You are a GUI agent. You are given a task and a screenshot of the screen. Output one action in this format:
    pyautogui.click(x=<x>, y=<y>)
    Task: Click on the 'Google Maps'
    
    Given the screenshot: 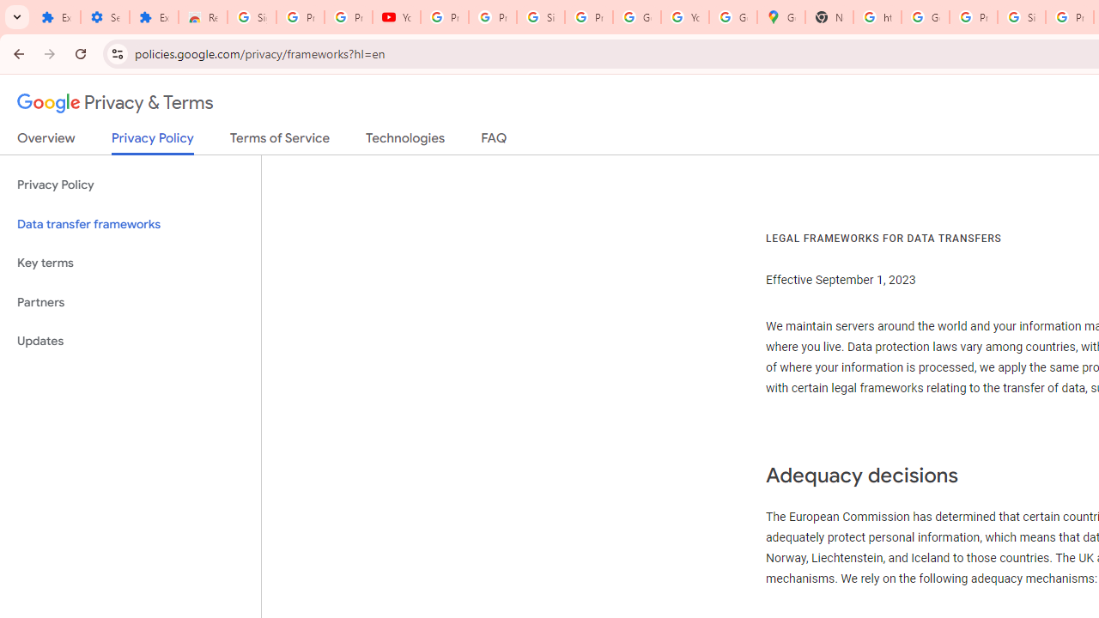 What is the action you would take?
    pyautogui.click(x=780, y=17)
    